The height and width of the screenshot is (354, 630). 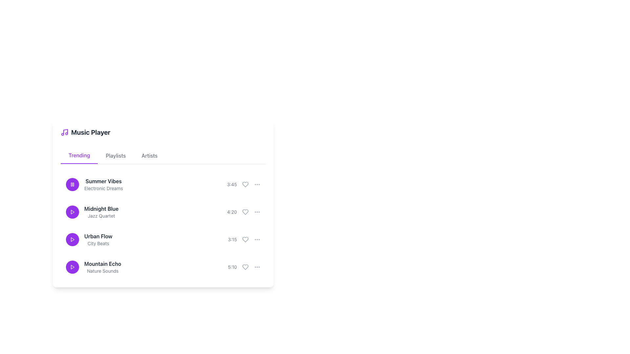 What do you see at coordinates (72, 185) in the screenshot?
I see `the 'Pause' button located to the left of the 'Summer Vibes' text label` at bounding box center [72, 185].